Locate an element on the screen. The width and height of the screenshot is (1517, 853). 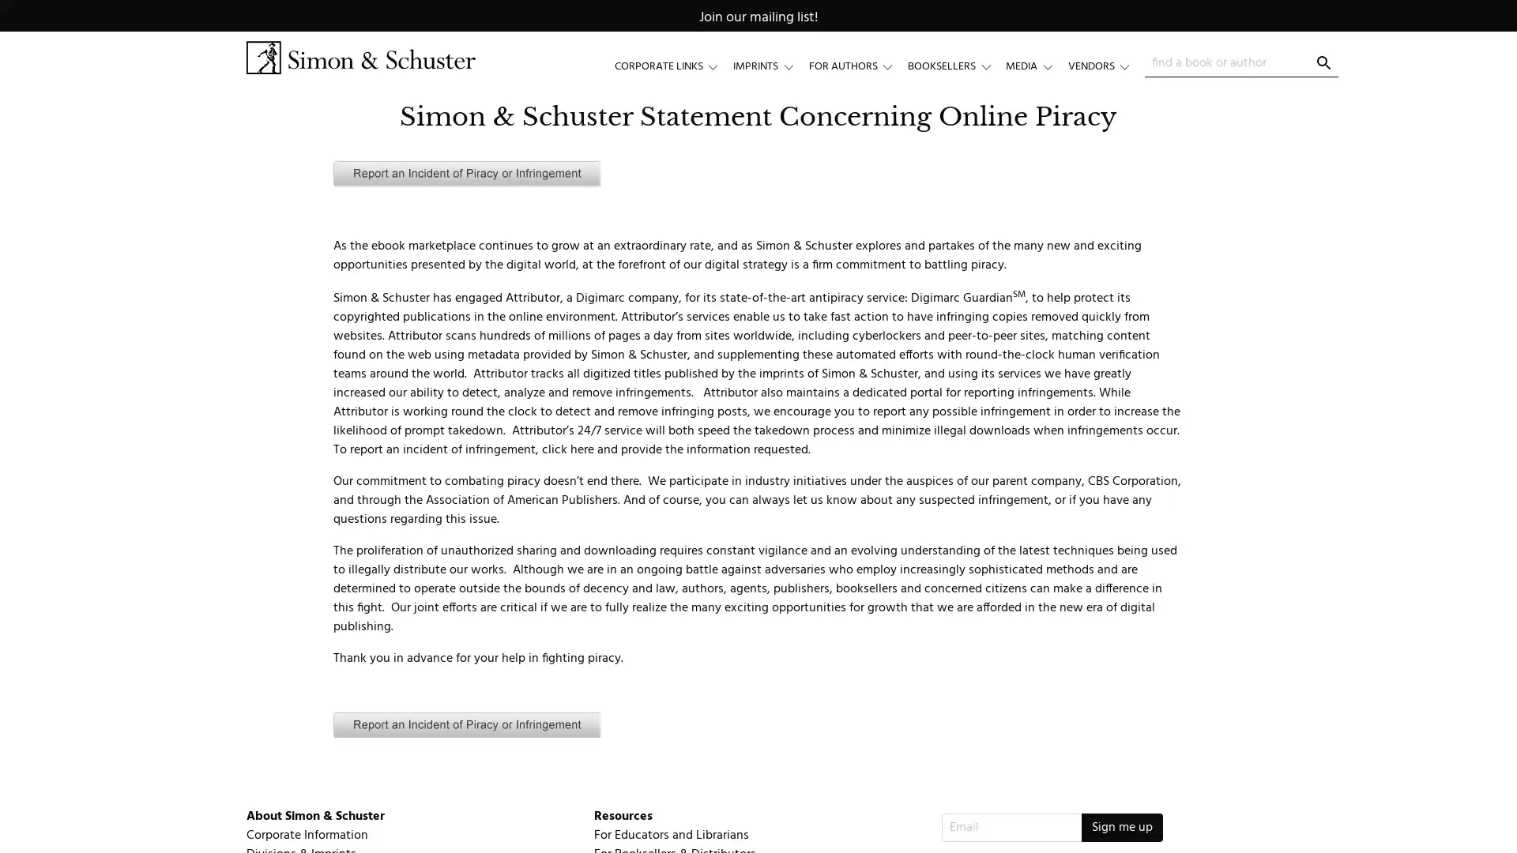
CORPORATE LINKS is located at coordinates (673, 66).